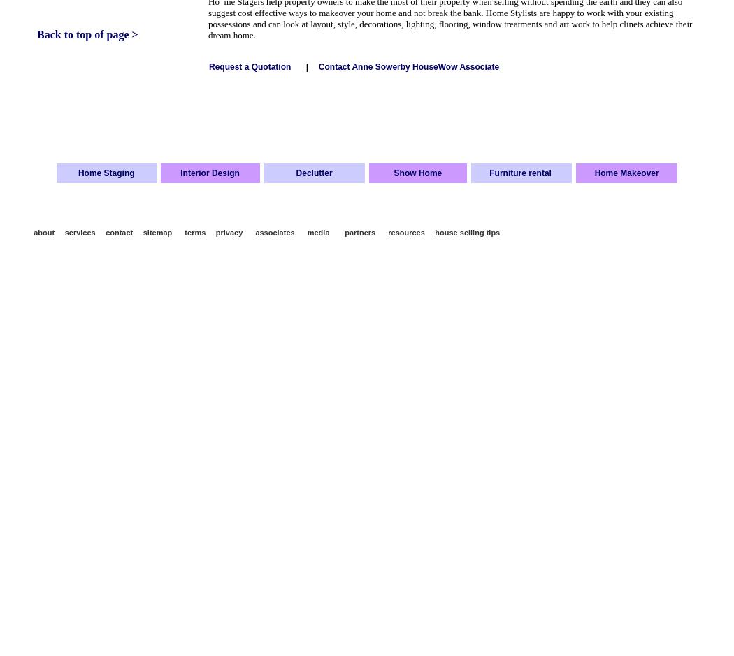 The image size is (734, 656). What do you see at coordinates (77, 172) in the screenshot?
I see `'Home
              Staging'` at bounding box center [77, 172].